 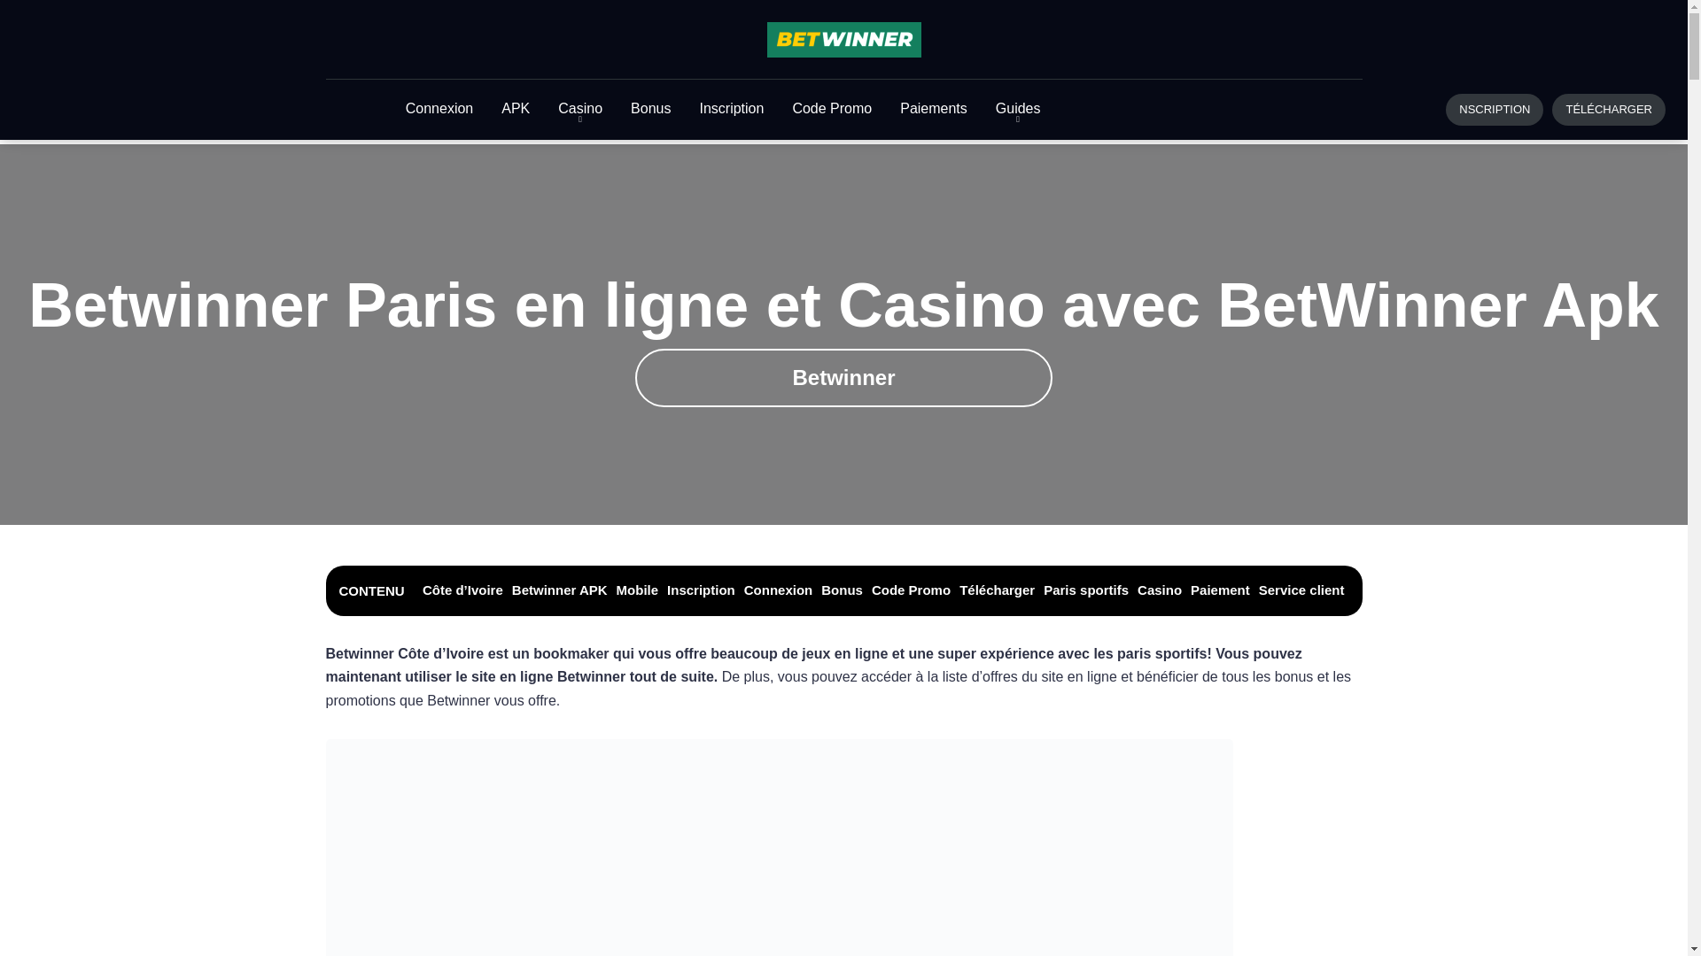 What do you see at coordinates (514, 109) in the screenshot?
I see `'APK'` at bounding box center [514, 109].